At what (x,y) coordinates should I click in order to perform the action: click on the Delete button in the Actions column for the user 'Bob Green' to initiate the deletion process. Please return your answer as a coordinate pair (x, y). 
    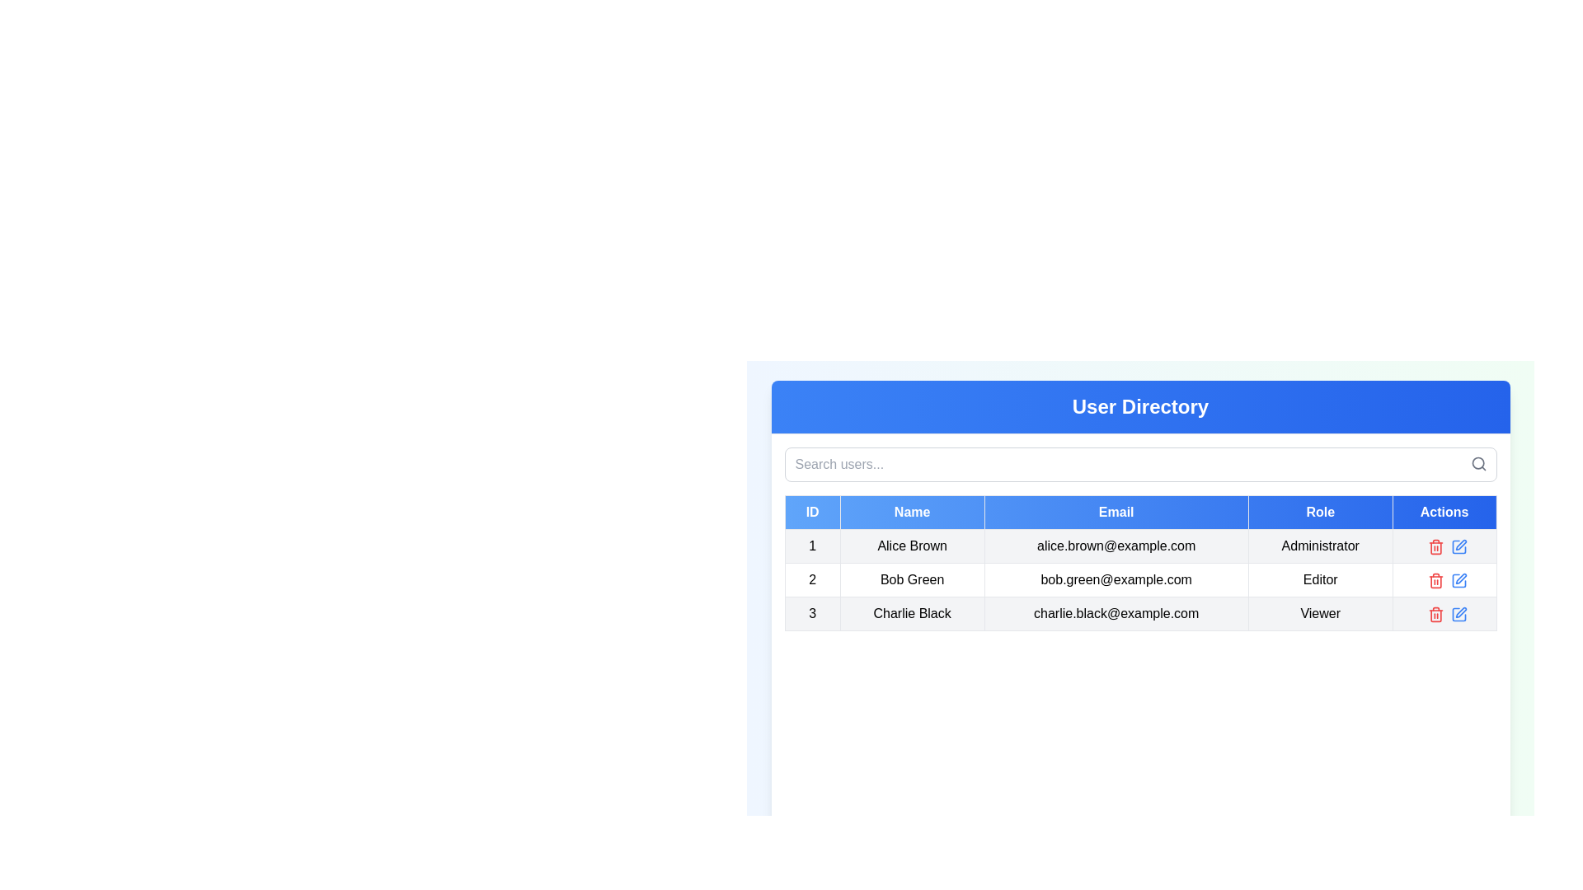
    Looking at the image, I should click on (1435, 546).